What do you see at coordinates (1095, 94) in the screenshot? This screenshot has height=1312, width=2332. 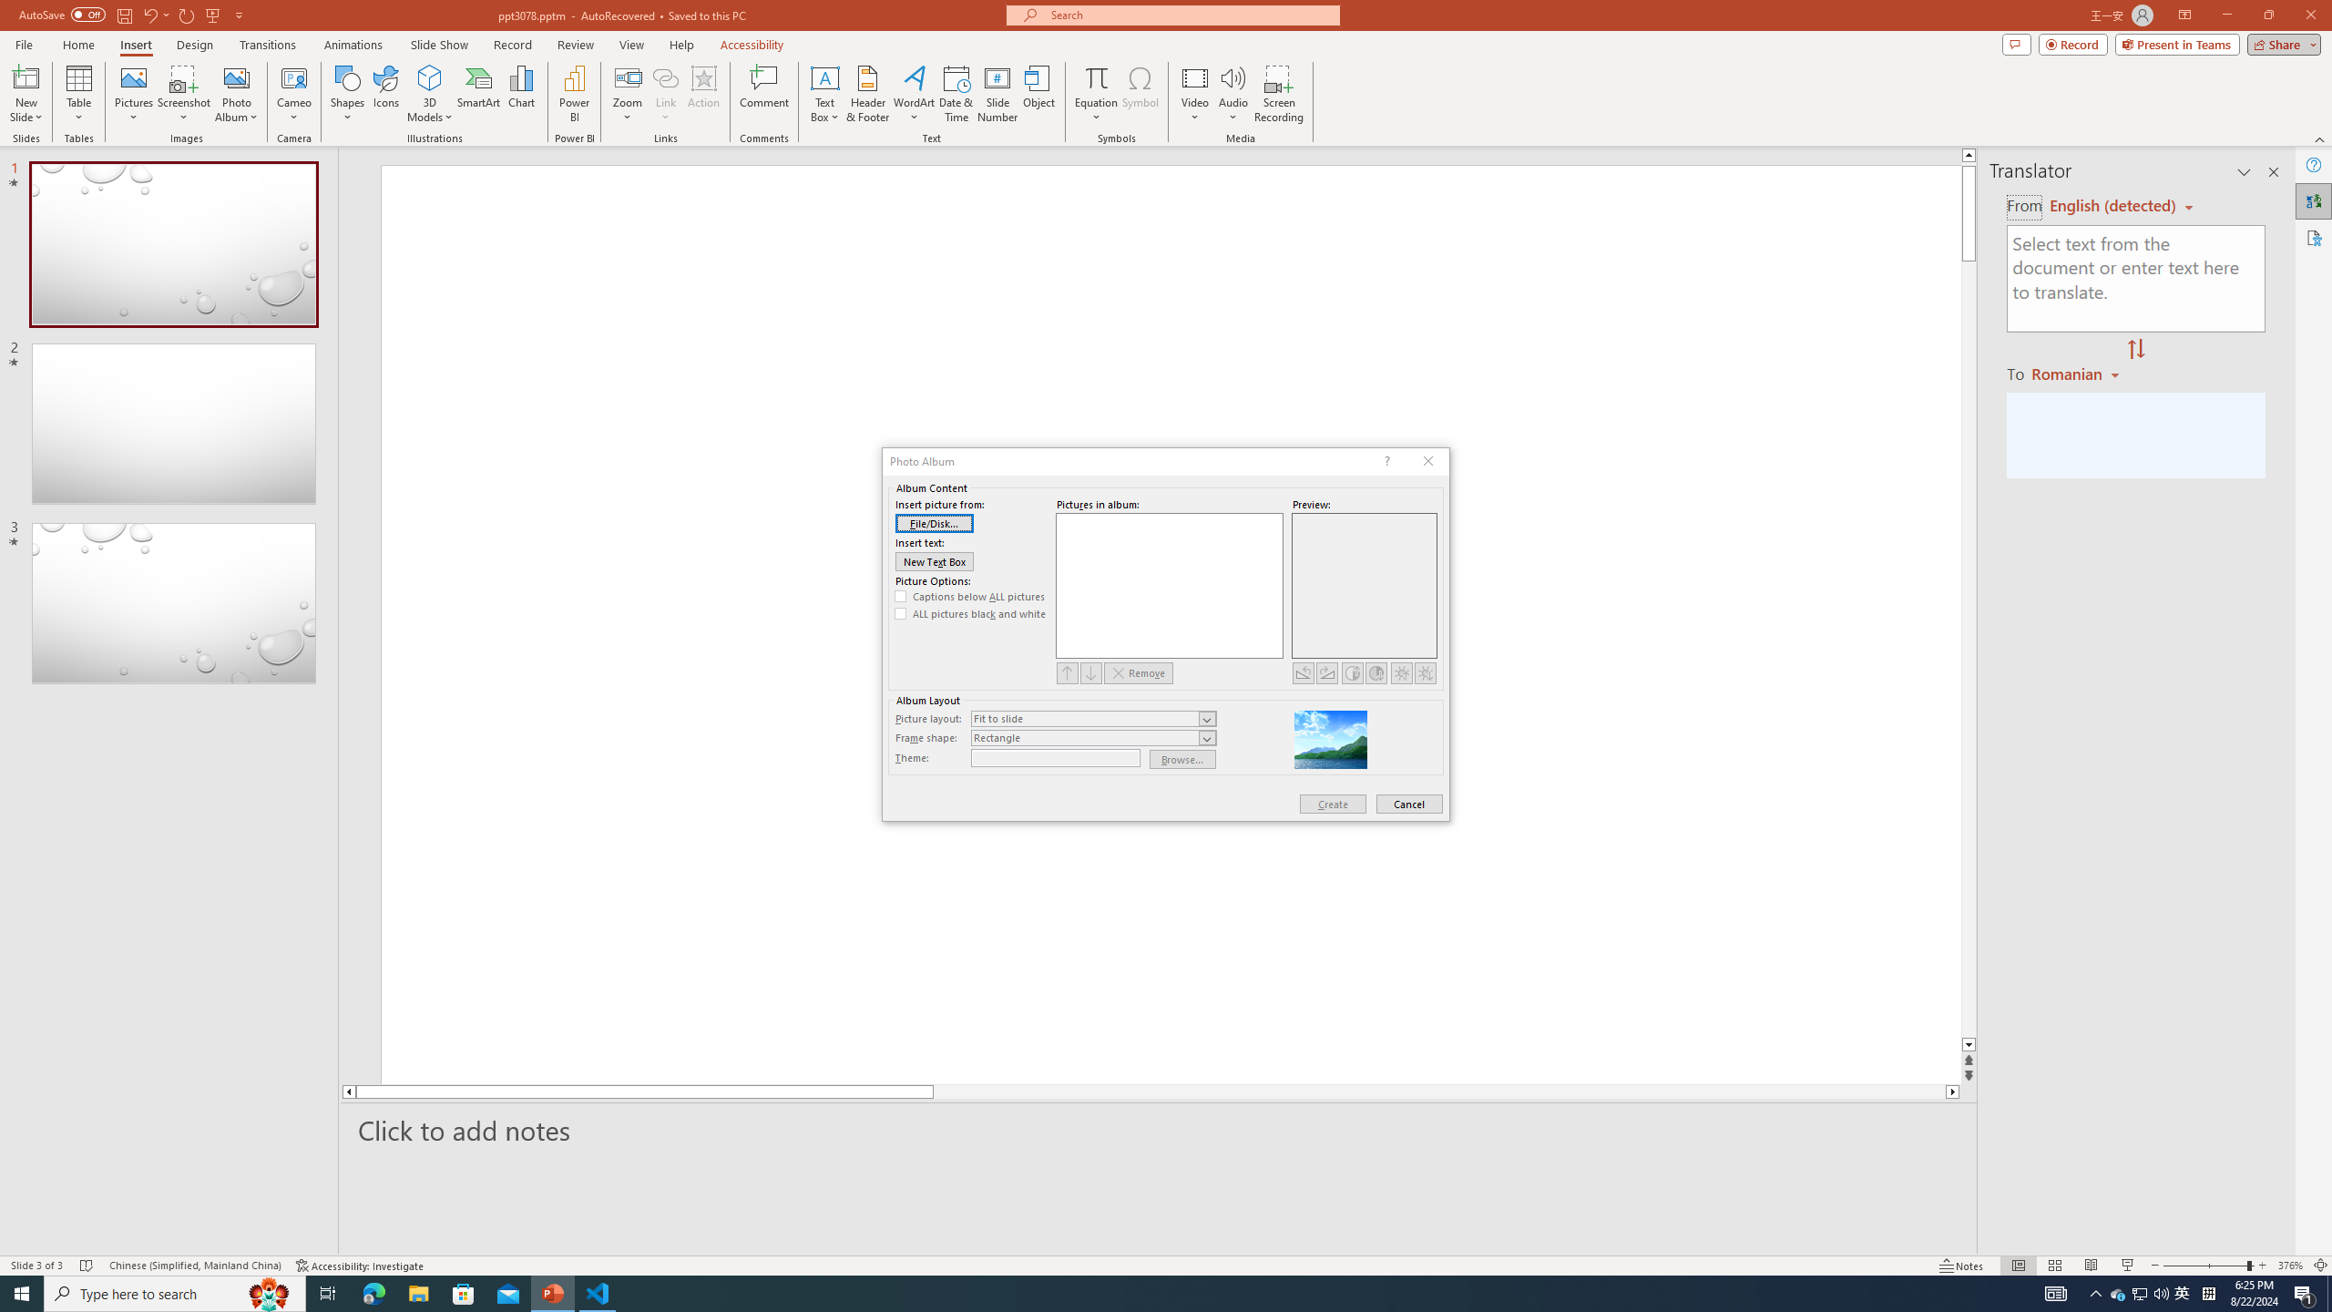 I see `'Equation'` at bounding box center [1095, 94].